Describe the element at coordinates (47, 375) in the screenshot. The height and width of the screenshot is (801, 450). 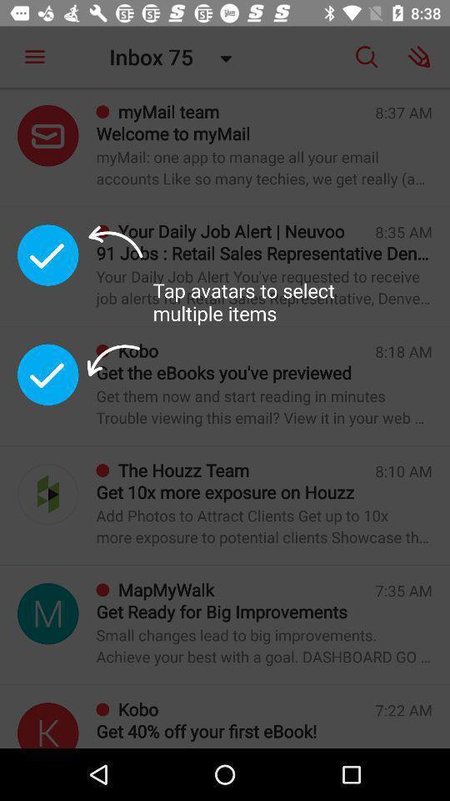
I see `the check icon` at that location.